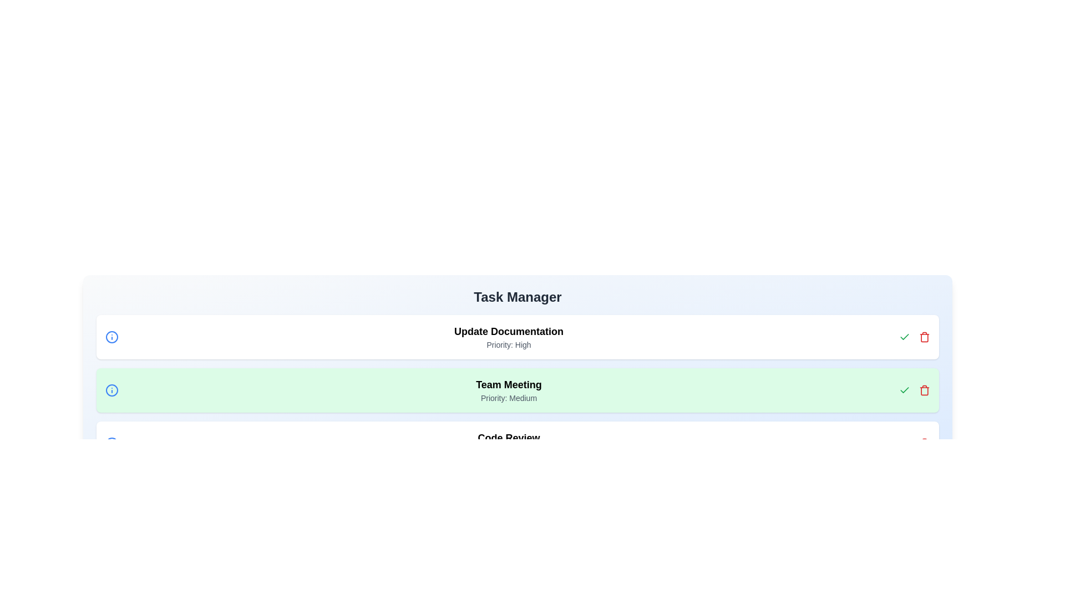 Image resolution: width=1065 pixels, height=599 pixels. I want to click on the information icon for the task 'Team Meeting', so click(111, 390).